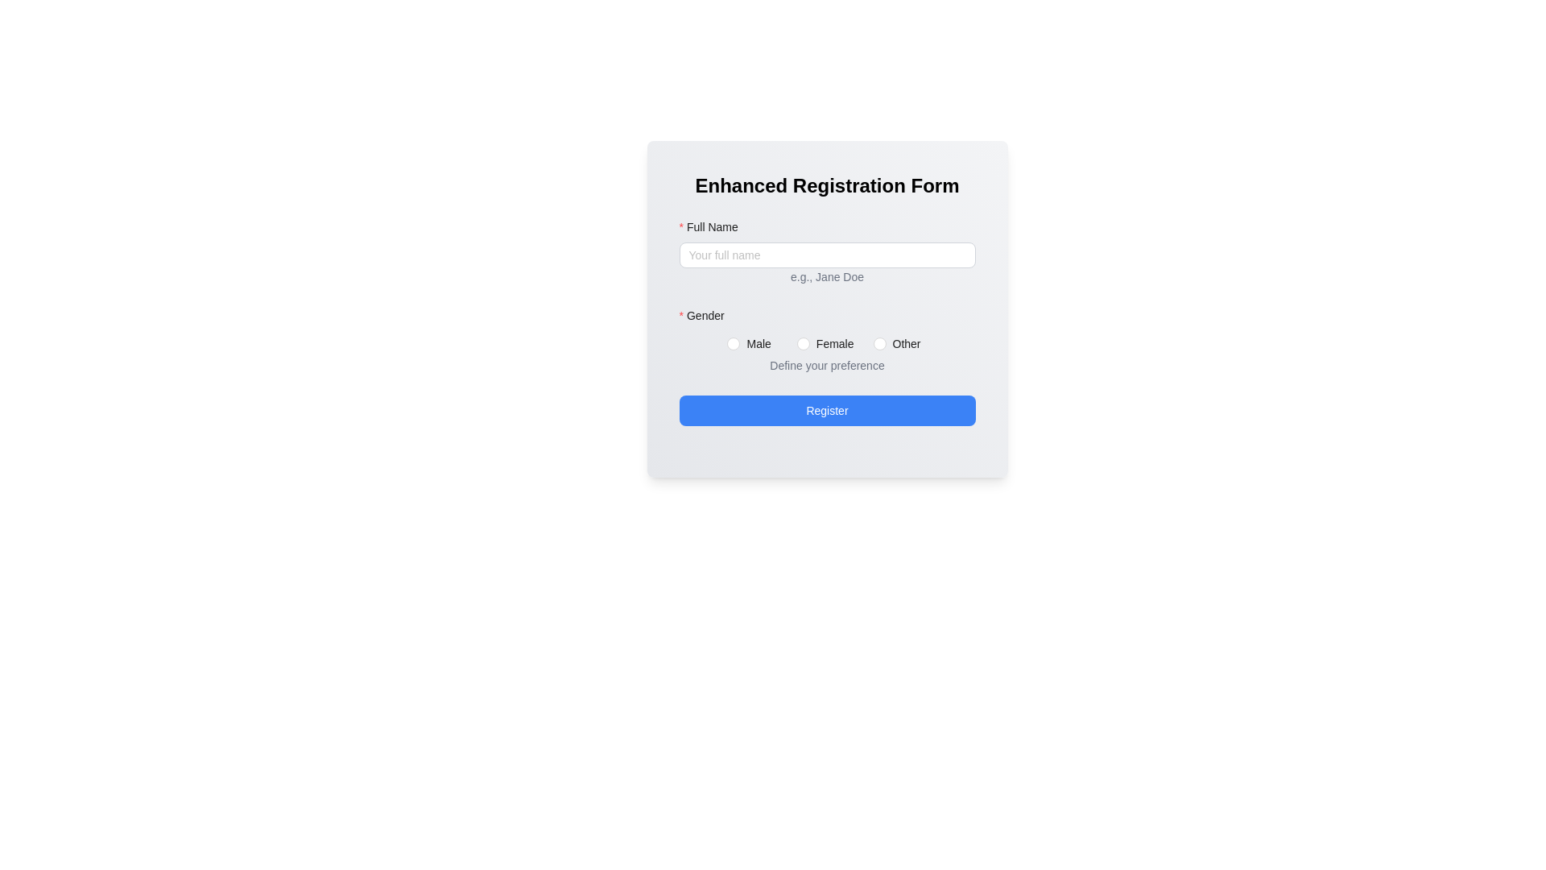  I want to click on the 'Gender' label element that is styled with an asterisk, indicating a required field, located directly below the 'Full Name' label in the form, so click(707, 316).